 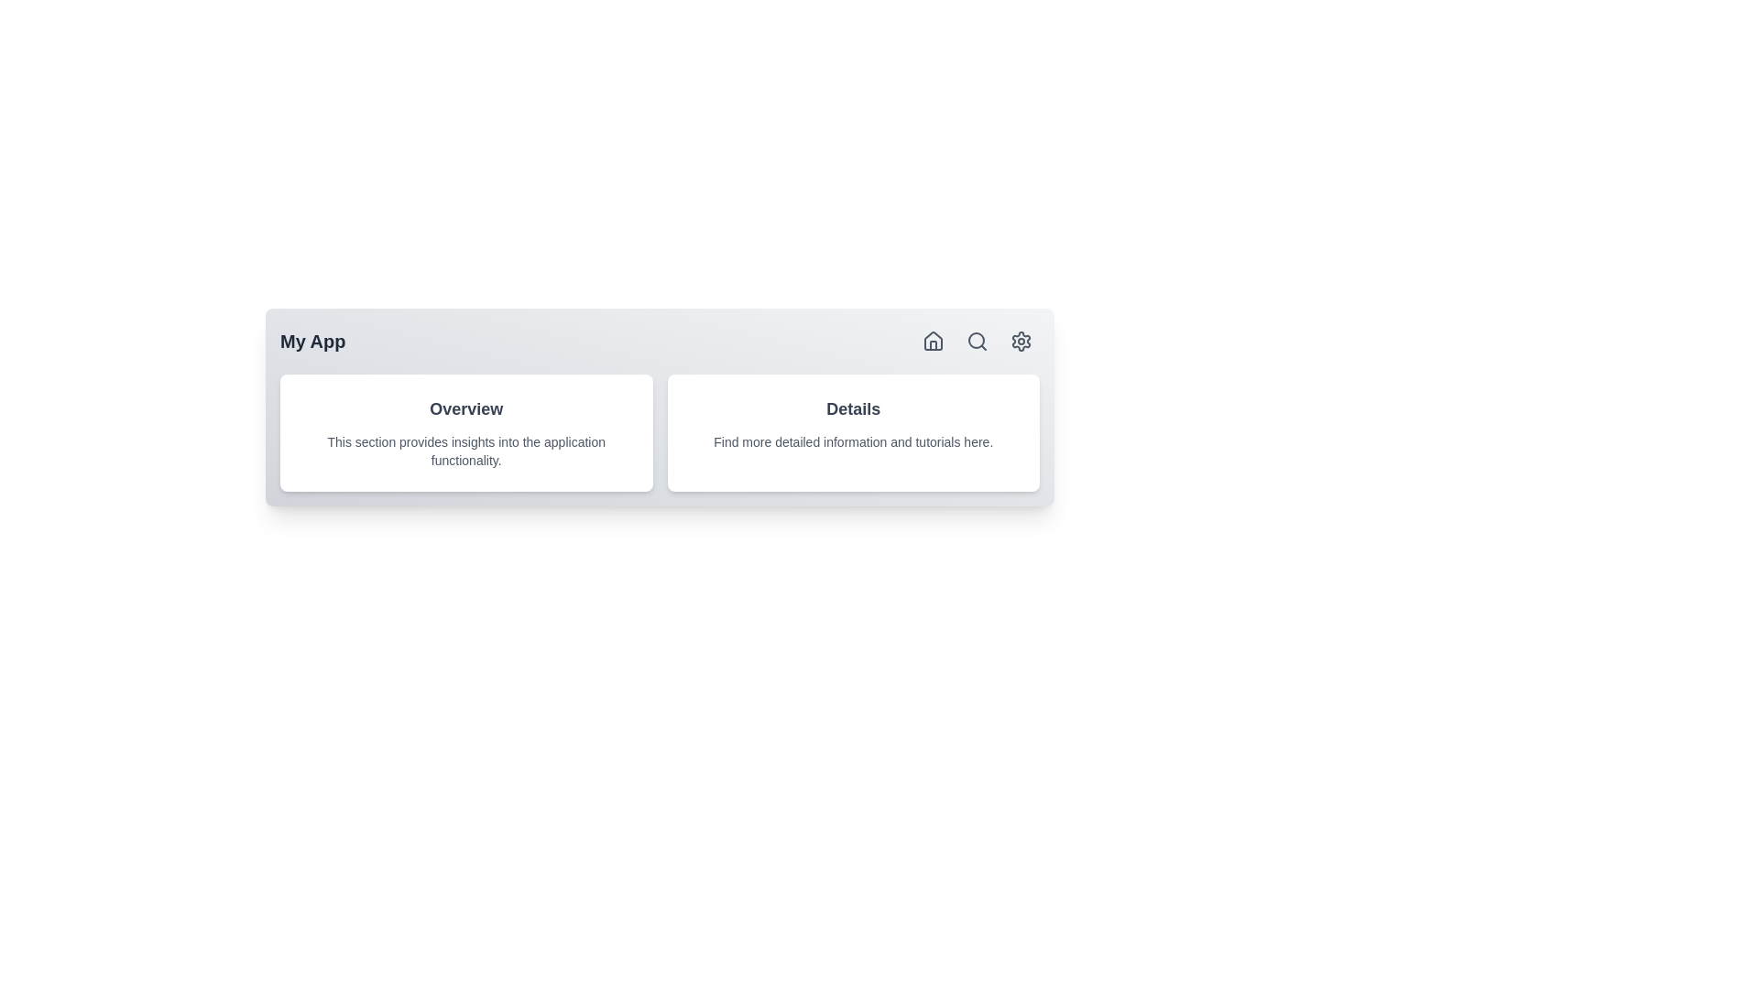 What do you see at coordinates (852, 441) in the screenshot?
I see `text from the Text Label located below the 'Details' heading, which supplements the information provided in the 'Details' section` at bounding box center [852, 441].